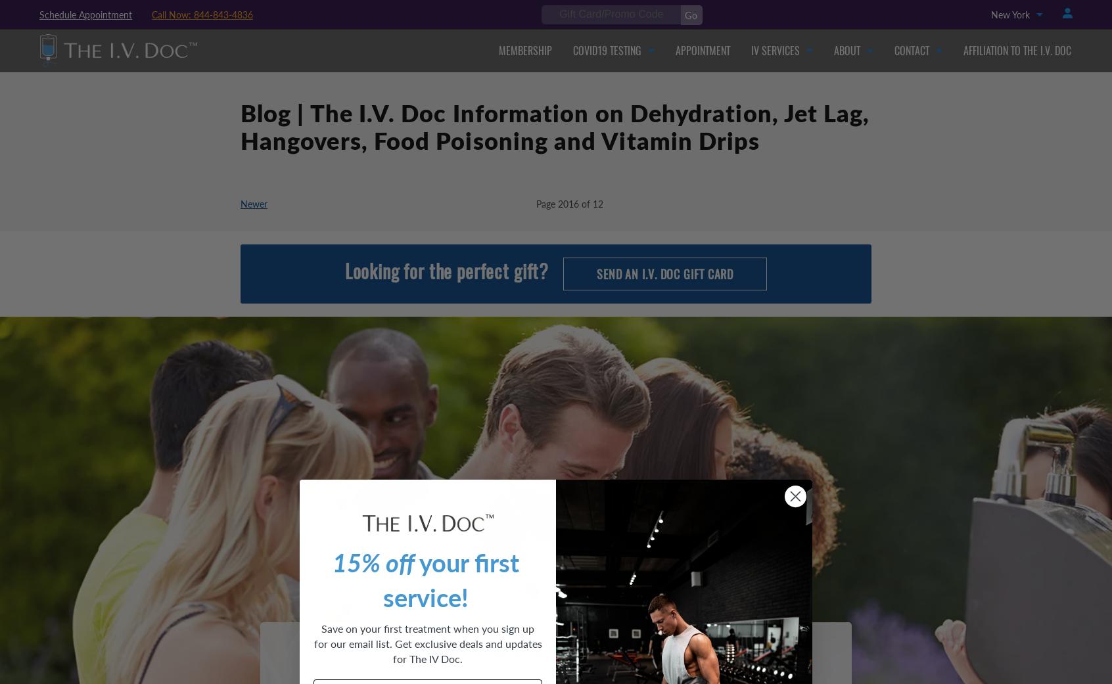 The height and width of the screenshot is (684, 1112). I want to click on 'Blog | The I.V. Doc Information on Dehydration, Jet Lag, Hangovers, Food Poisoning and Vitamin Drips', so click(555, 129).